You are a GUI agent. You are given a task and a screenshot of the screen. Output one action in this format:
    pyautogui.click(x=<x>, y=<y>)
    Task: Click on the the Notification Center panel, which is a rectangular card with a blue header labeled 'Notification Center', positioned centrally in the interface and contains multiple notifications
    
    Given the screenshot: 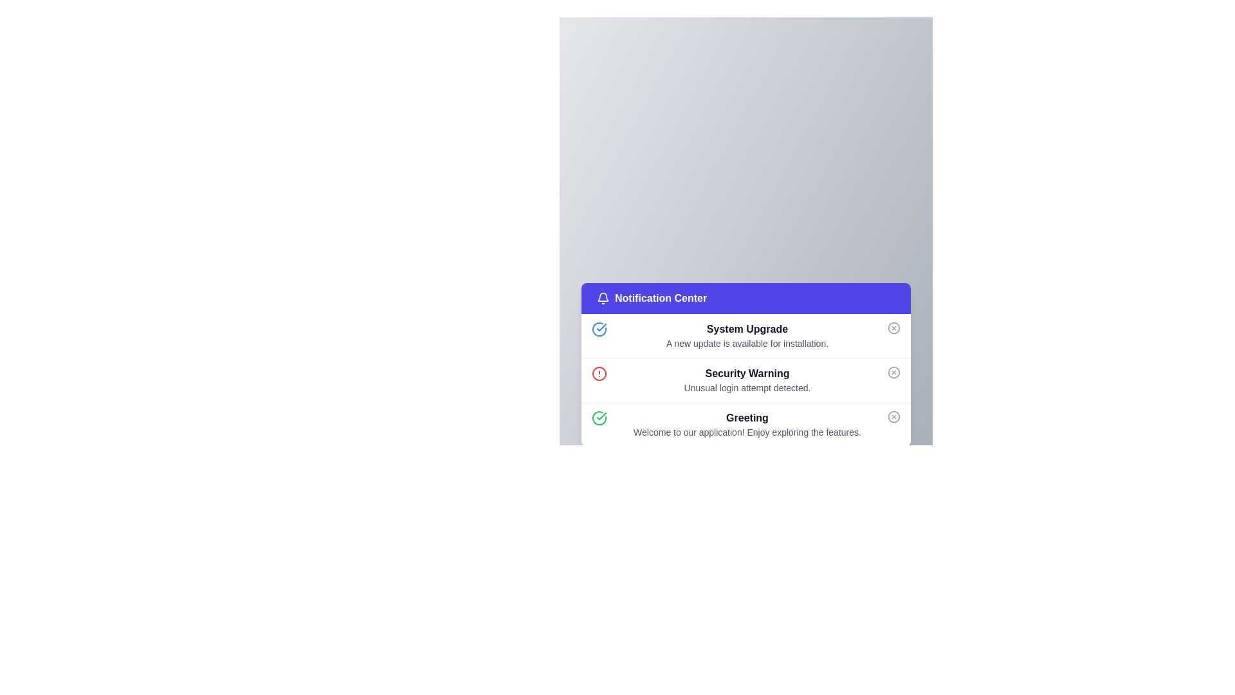 What is the action you would take?
    pyautogui.click(x=746, y=365)
    